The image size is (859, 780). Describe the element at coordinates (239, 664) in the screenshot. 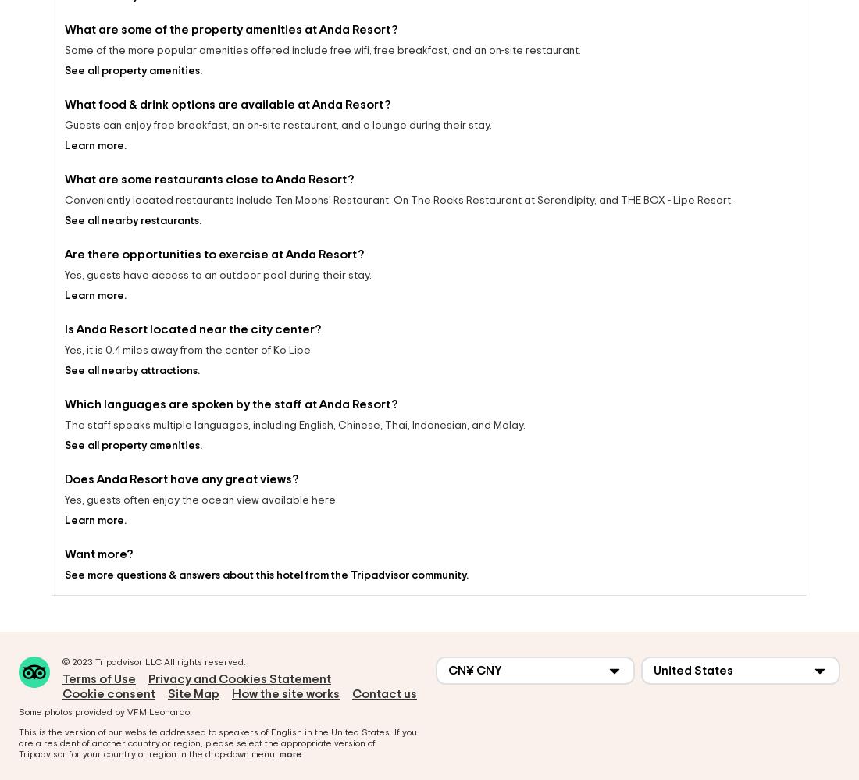

I see `'Privacy and Cookies Statement'` at that location.